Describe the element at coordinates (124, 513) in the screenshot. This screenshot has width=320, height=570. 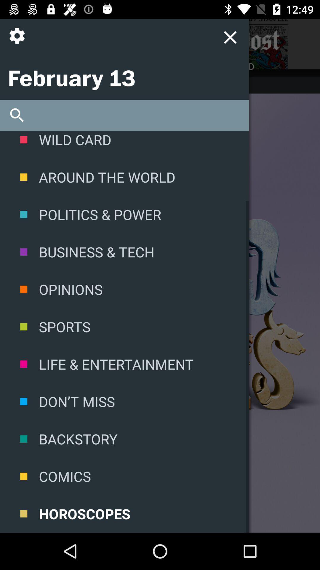
I see `the horoscopes icon` at that location.